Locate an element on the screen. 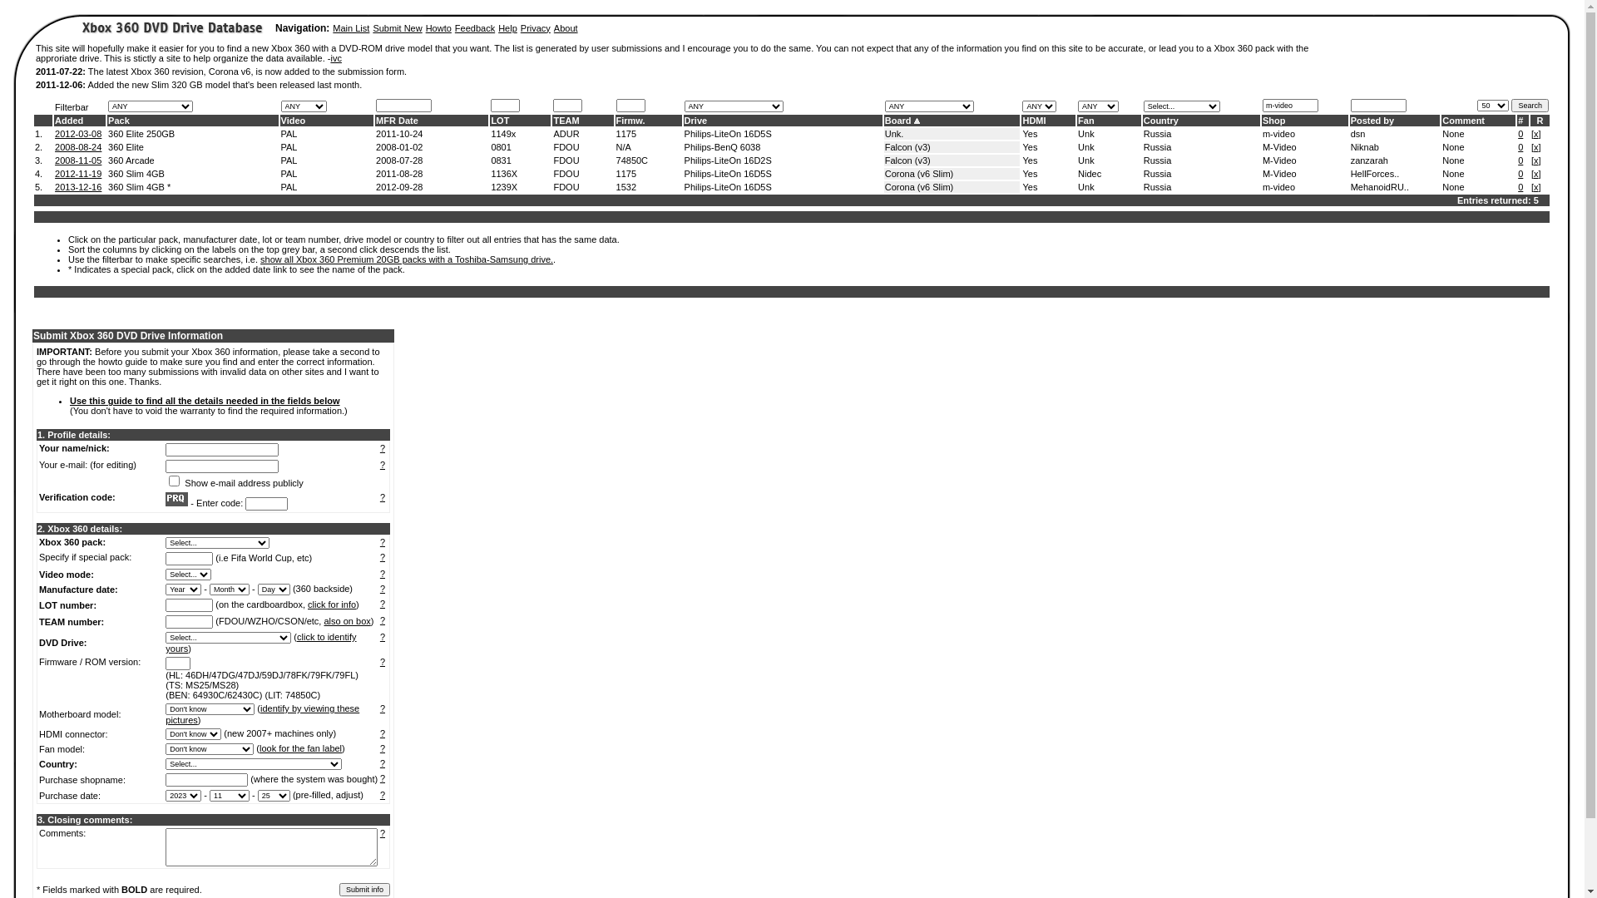  'x' is located at coordinates (1535, 173).